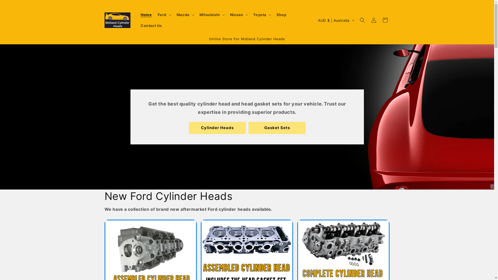 Image resolution: width=498 pixels, height=280 pixels. What do you see at coordinates (367, 20) in the screenshot?
I see `'Log in'` at bounding box center [367, 20].